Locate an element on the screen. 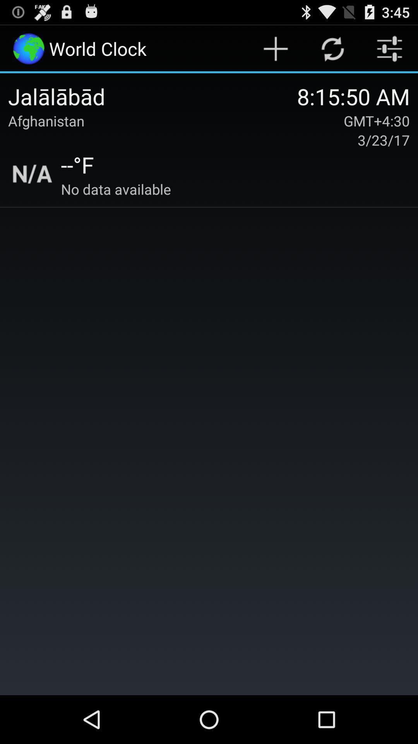  icon above 3/23/17 item is located at coordinates (376, 121).